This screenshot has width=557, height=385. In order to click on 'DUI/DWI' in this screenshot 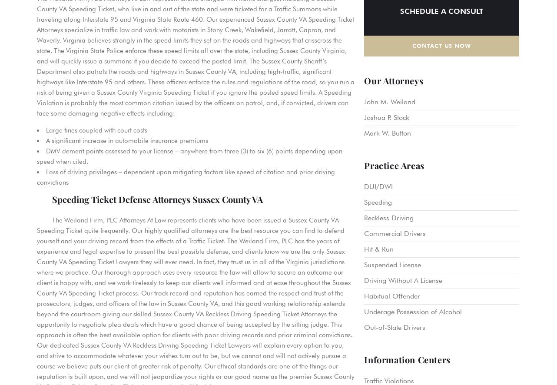, I will do `click(364, 186)`.